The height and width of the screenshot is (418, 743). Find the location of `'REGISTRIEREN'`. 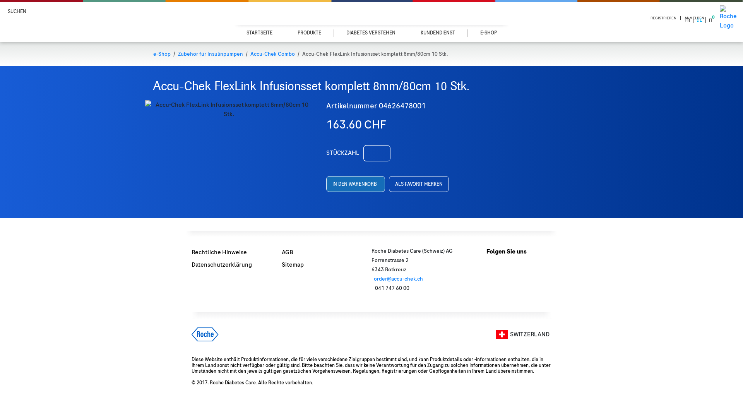

'REGISTRIEREN' is located at coordinates (663, 17).